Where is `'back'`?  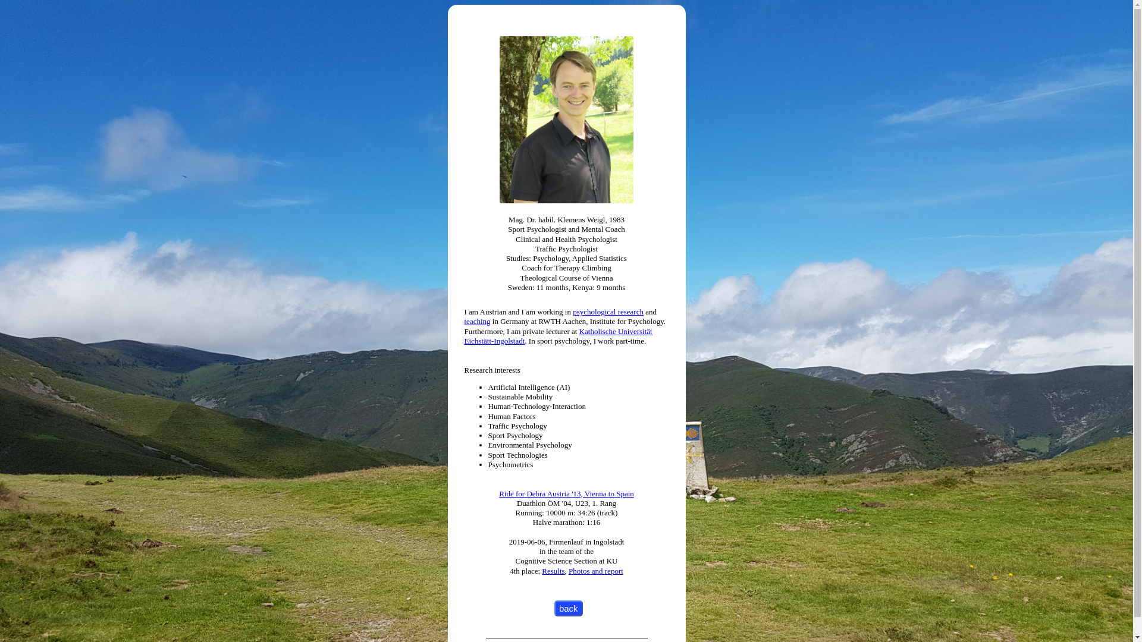
'back' is located at coordinates (567, 609).